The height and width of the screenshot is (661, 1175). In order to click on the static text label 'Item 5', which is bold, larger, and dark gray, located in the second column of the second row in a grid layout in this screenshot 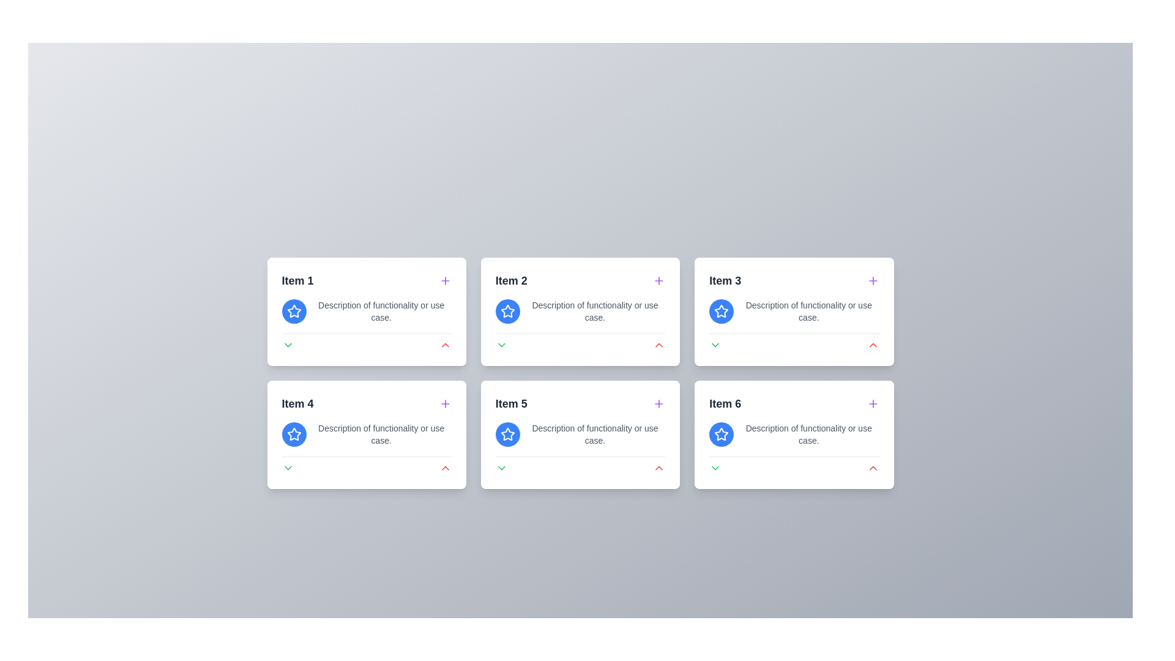, I will do `click(511, 403)`.